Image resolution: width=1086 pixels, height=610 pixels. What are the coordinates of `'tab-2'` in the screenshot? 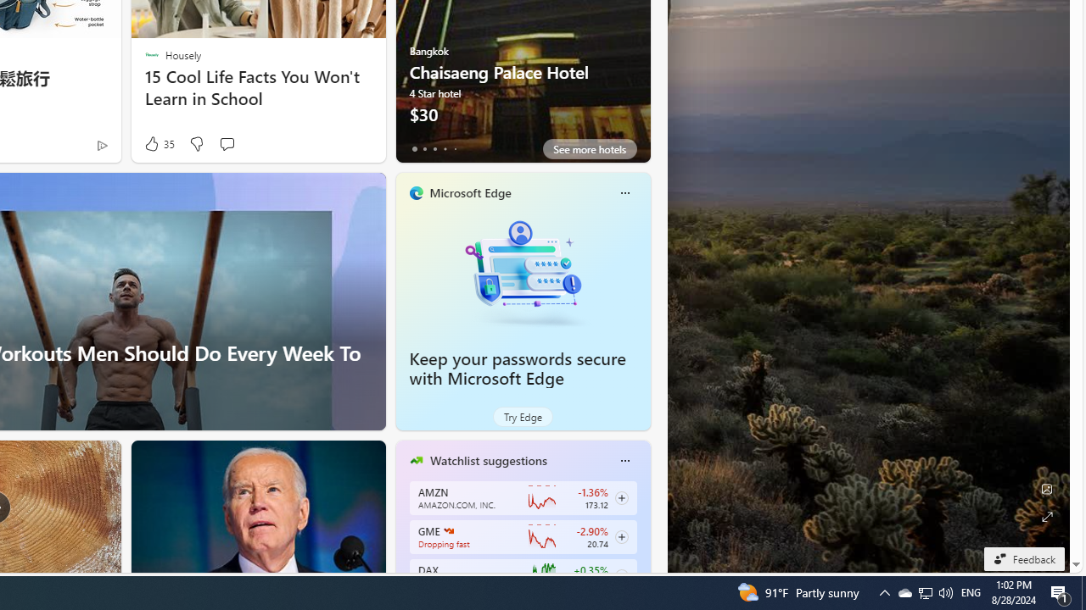 It's located at (434, 148).